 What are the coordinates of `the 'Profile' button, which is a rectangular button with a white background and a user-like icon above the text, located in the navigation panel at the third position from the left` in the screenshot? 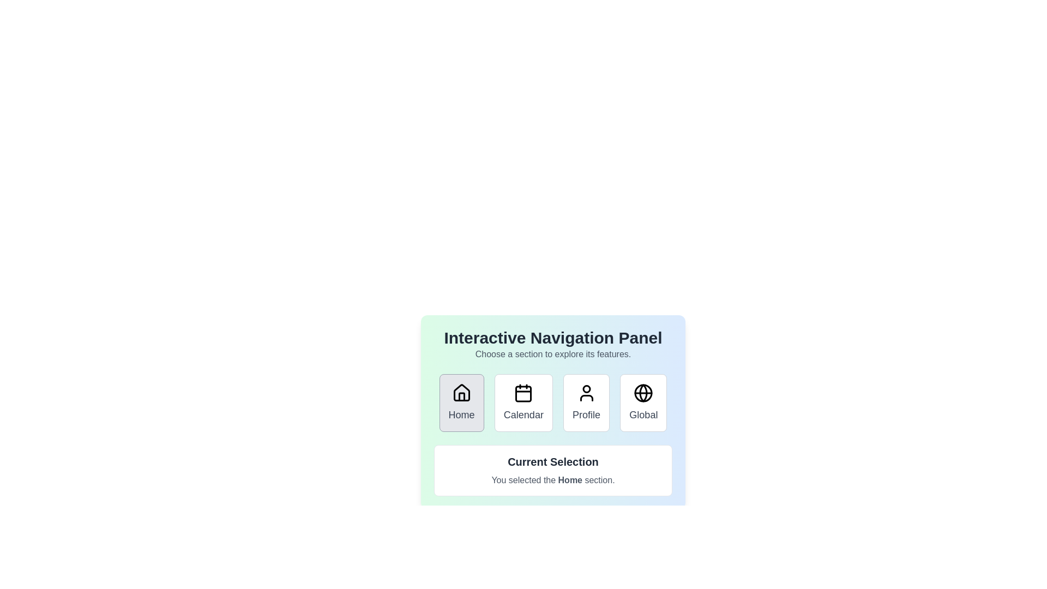 It's located at (586, 403).